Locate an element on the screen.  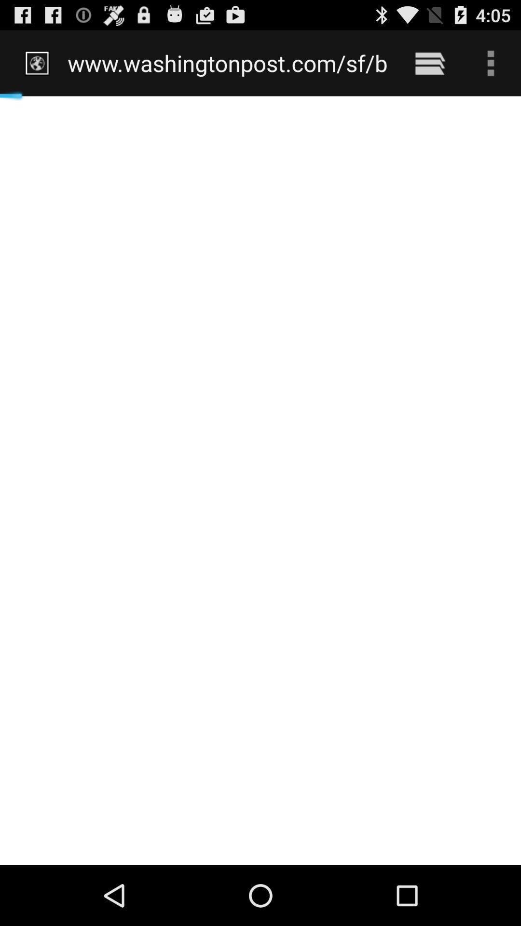
icon next to the www washingtonpost com icon is located at coordinates (429, 63).